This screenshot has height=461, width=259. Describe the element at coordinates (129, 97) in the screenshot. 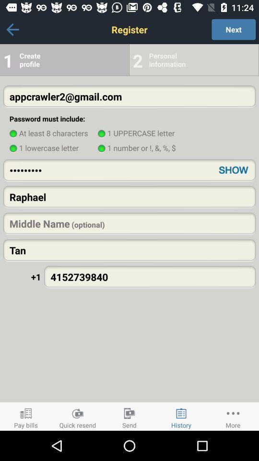

I see `the text above the text password must include` at that location.